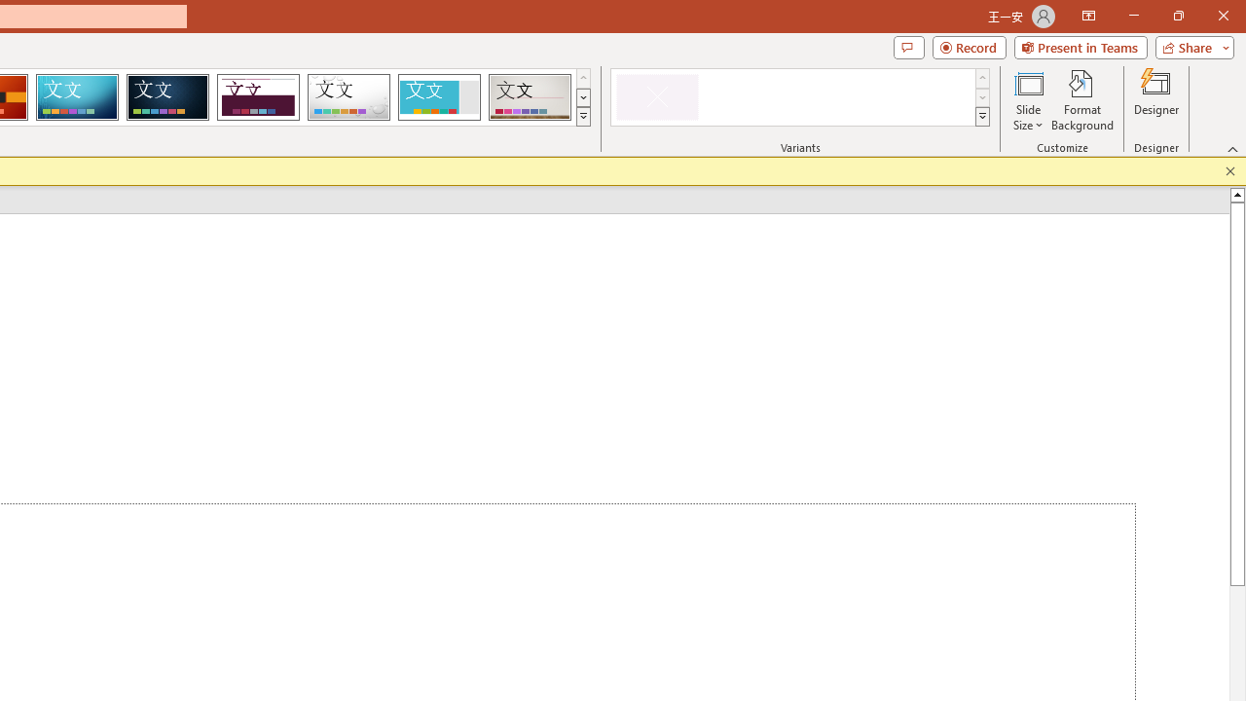 Image resolution: width=1246 pixels, height=701 pixels. I want to click on 'Themes', so click(582, 117).